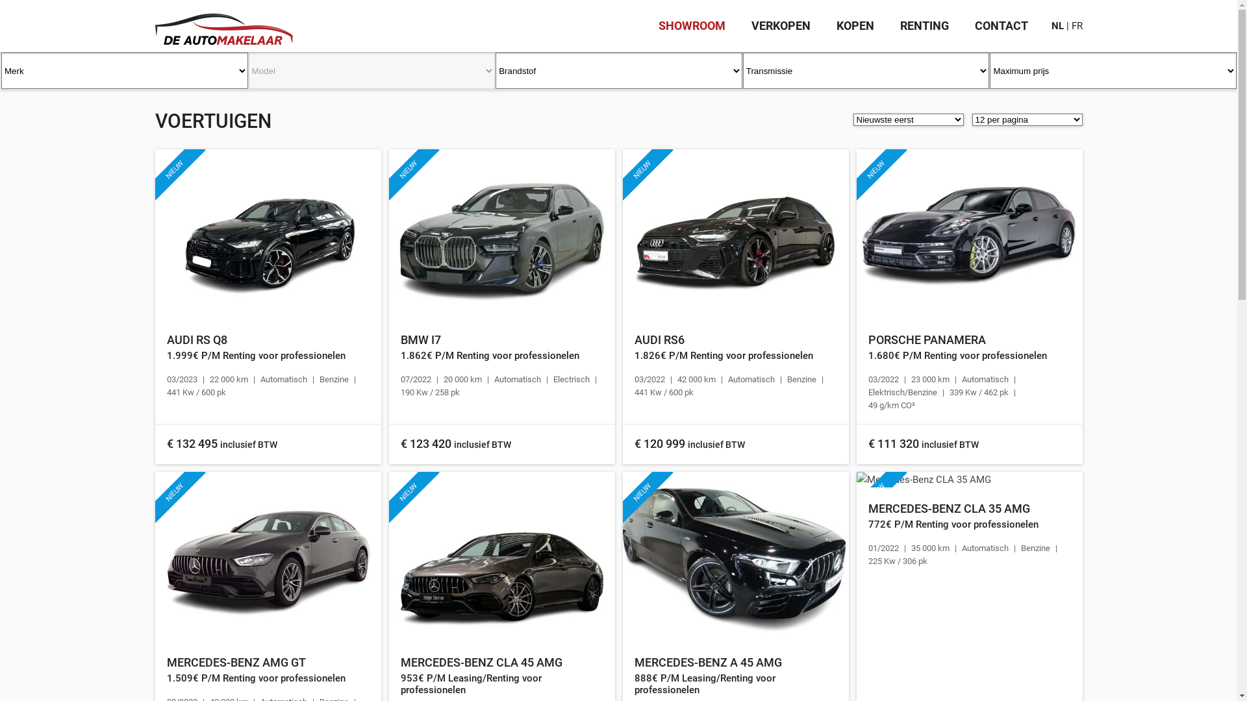  What do you see at coordinates (1057, 25) in the screenshot?
I see `'NL'` at bounding box center [1057, 25].